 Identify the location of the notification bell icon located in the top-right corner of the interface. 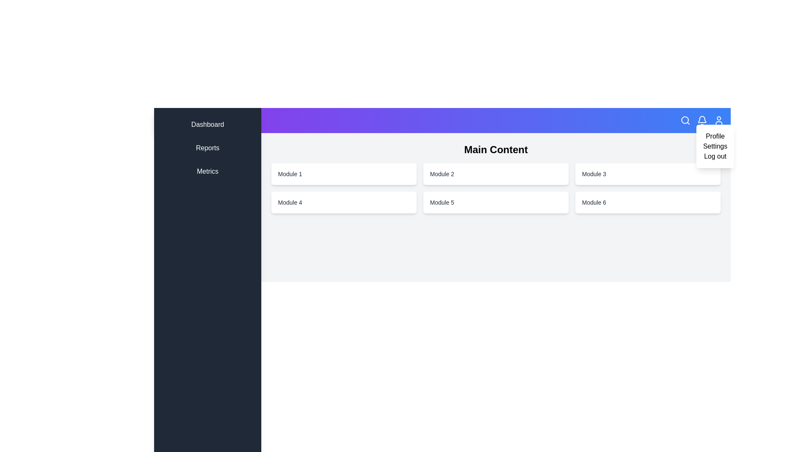
(702, 121).